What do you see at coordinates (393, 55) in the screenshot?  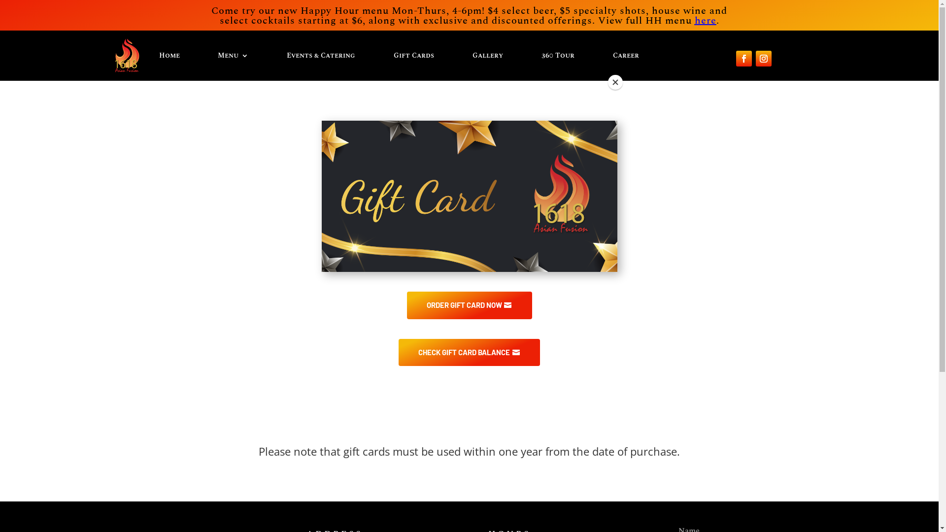 I see `'Gift Cards'` at bounding box center [393, 55].